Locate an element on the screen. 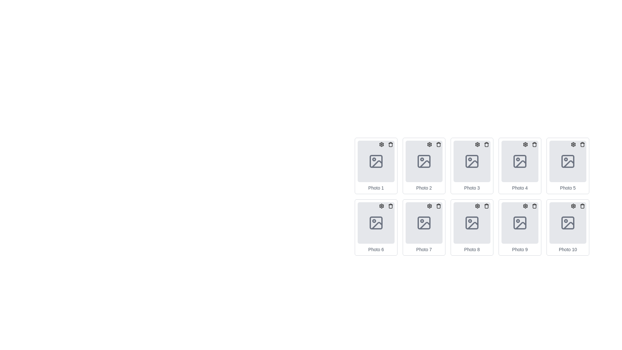  the gray image icon with rounded corners depicting a photograph-like representation is located at coordinates (567, 161).